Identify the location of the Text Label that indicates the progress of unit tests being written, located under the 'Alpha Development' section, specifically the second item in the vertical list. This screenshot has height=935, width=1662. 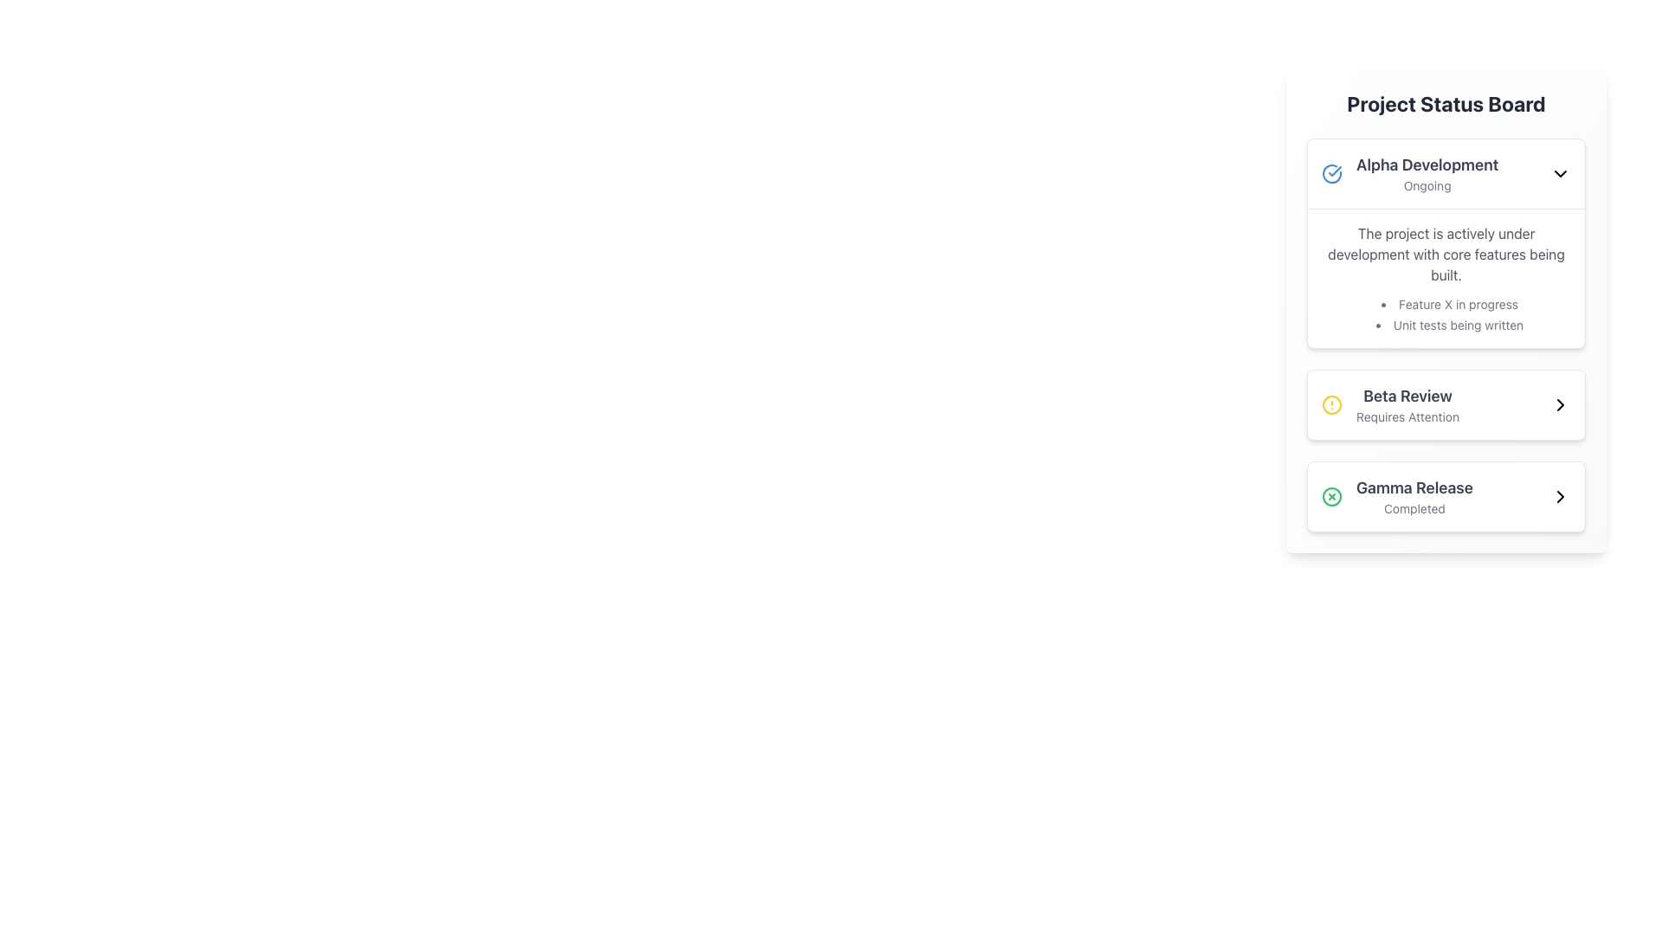
(1450, 325).